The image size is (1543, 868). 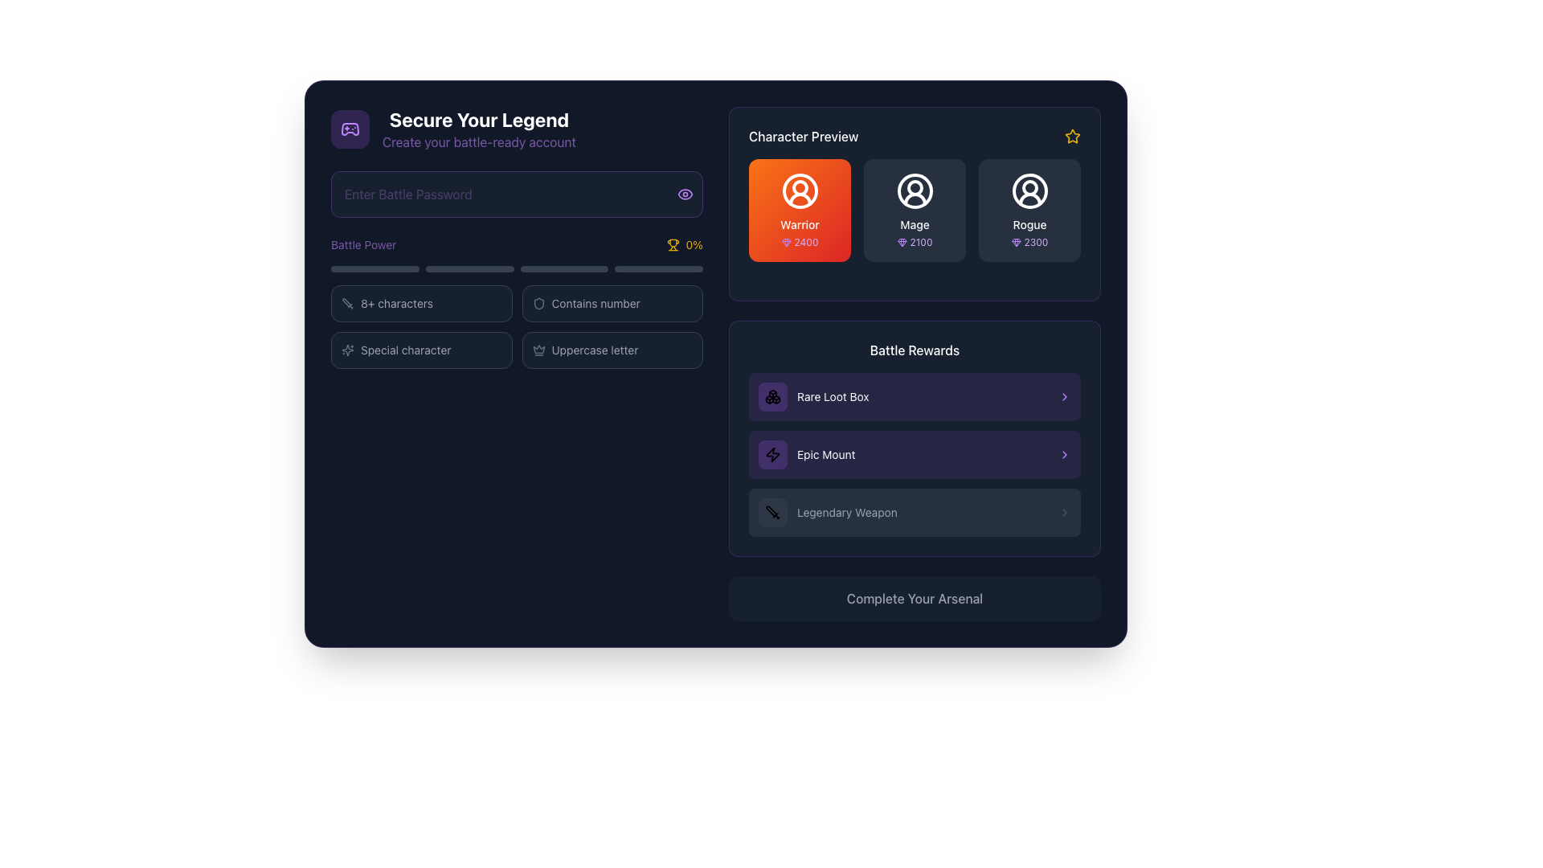 I want to click on the circular user profile icon located in the 'Character Preview' section, which is the middle icon between 'Warrior' and 'Rogue', so click(x=915, y=190).